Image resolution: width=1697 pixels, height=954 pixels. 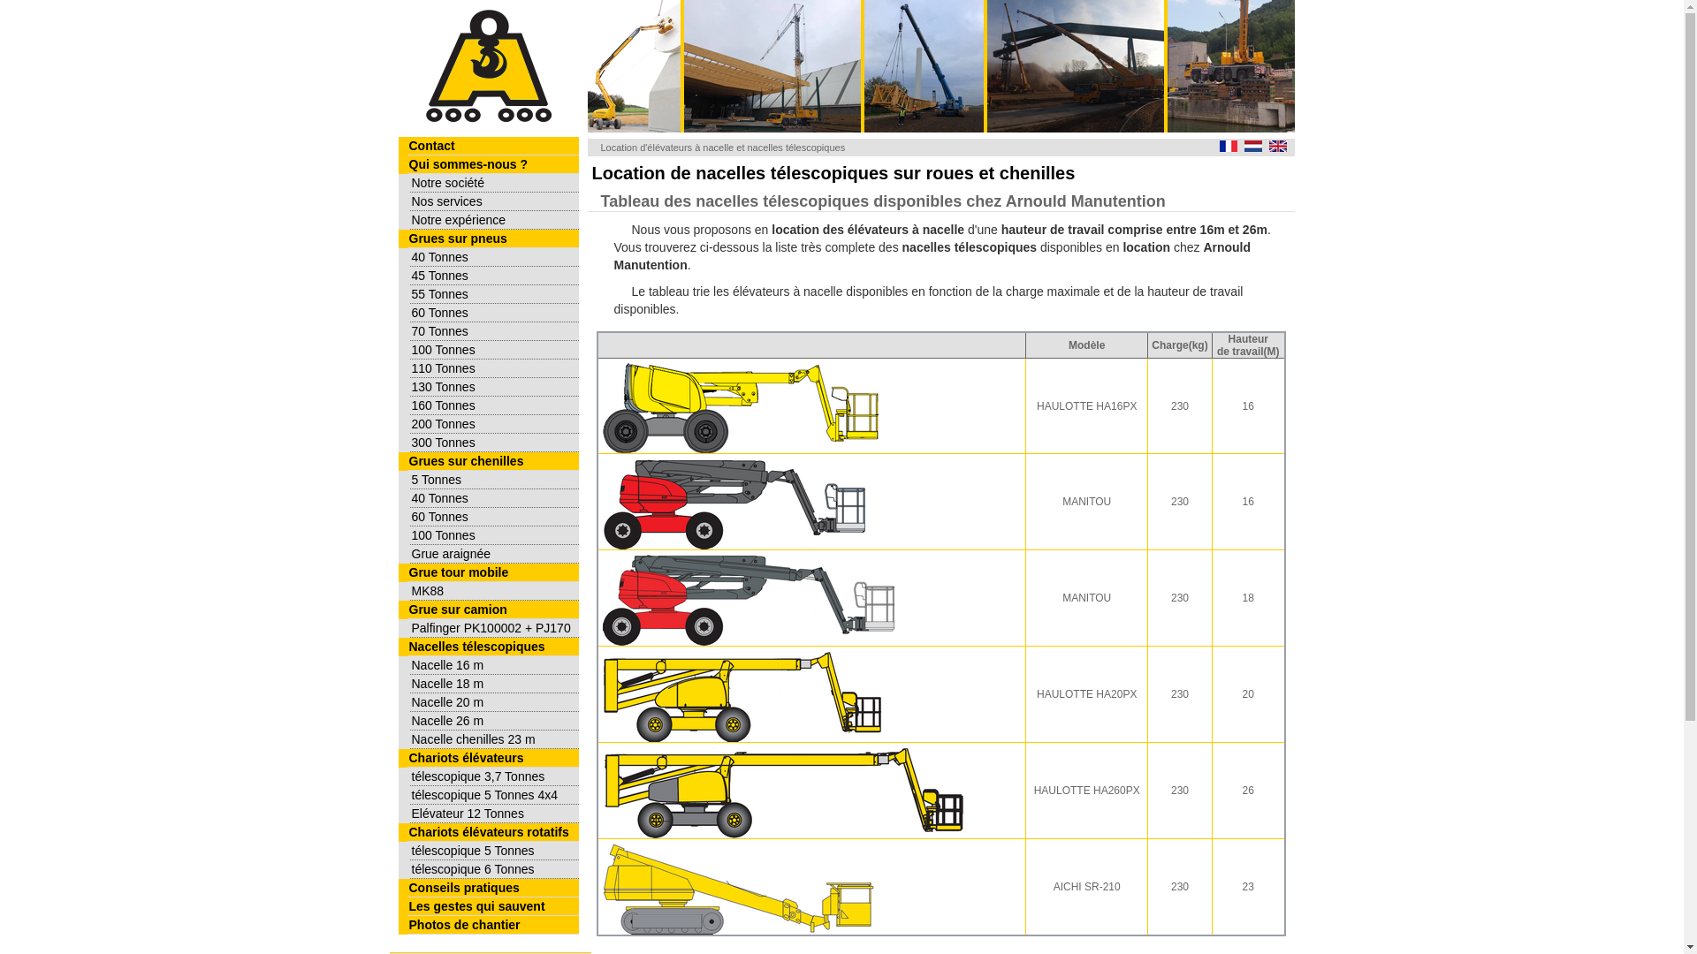 What do you see at coordinates (1277, 146) in the screenshot?
I see `'Visit our website in english'` at bounding box center [1277, 146].